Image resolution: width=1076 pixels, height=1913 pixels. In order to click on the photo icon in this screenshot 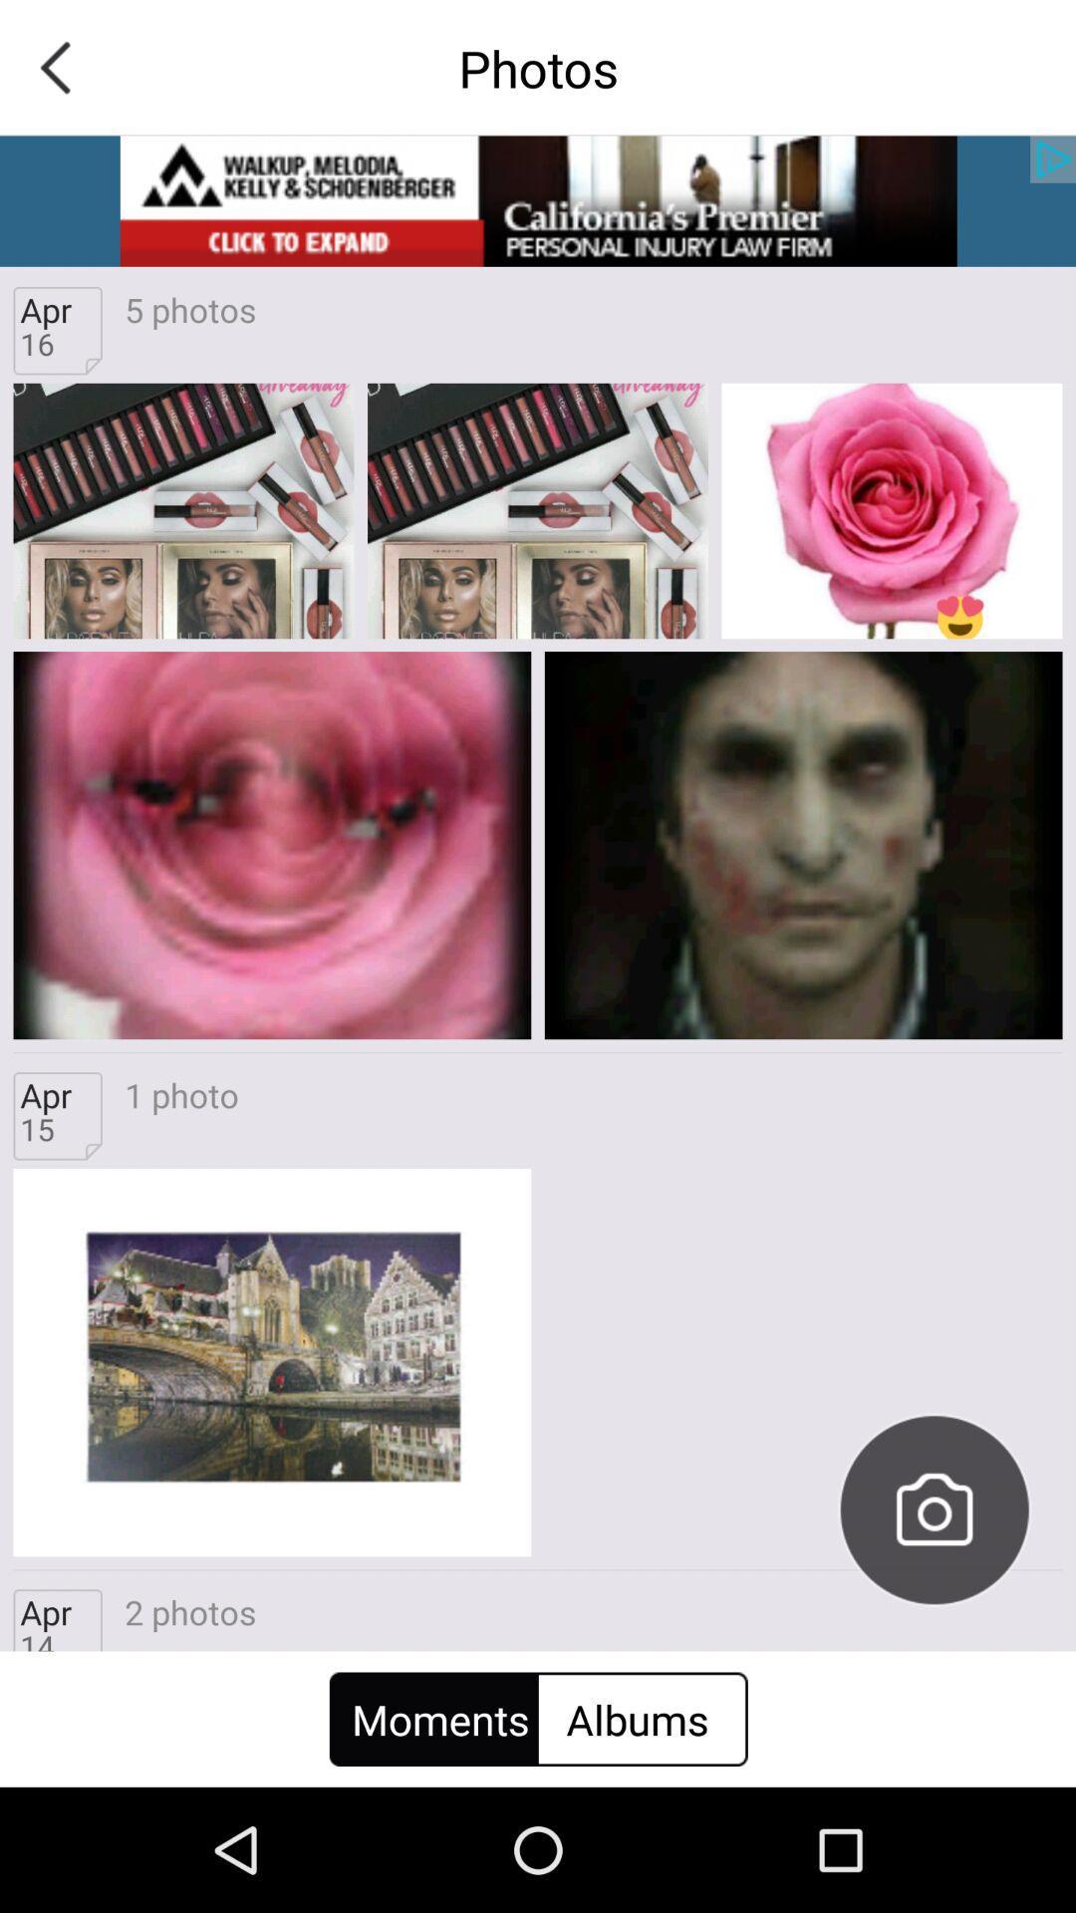, I will do `click(935, 1616)`.